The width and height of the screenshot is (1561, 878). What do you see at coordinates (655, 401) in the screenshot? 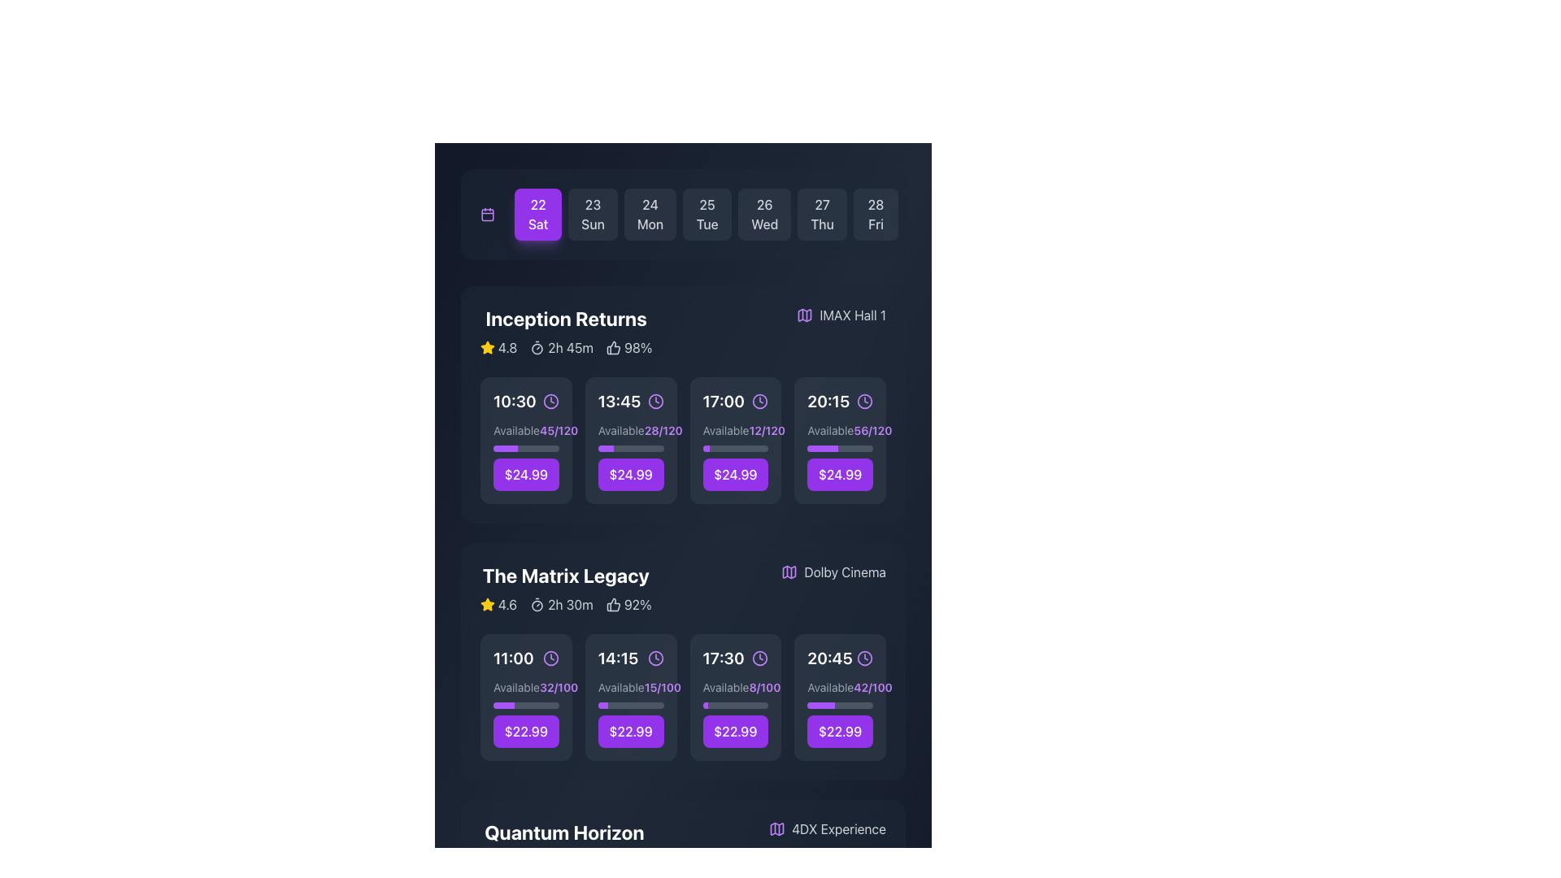
I see `the clock icon located adjacent to the text '13:45' in the second slot of the 'Inception Returns' schedule row, enhancing the interface's readability and recognition of time-related information` at bounding box center [655, 401].